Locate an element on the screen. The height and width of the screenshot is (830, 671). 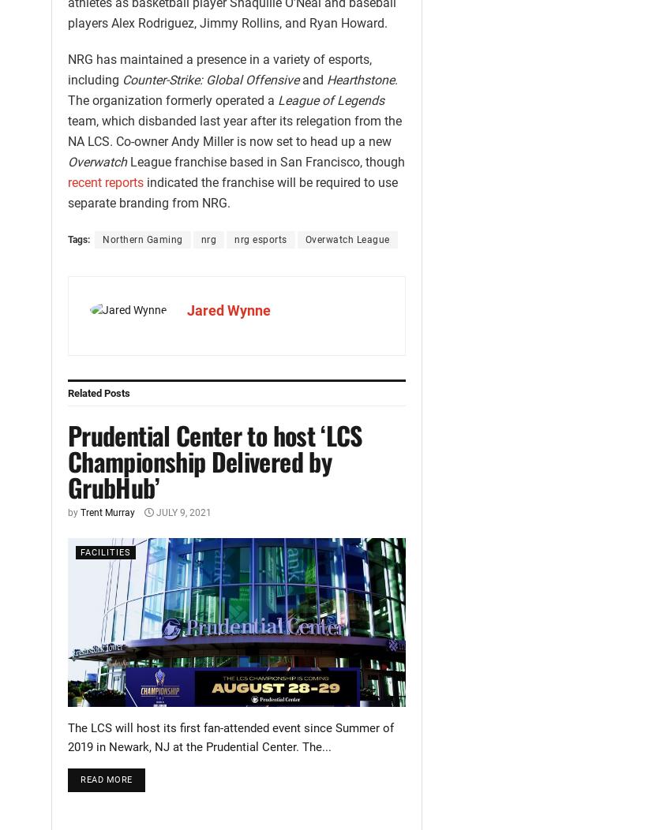
'team, which disbanded last year after its relegation from the NA LCS. Co-owner Andy Miller is now set to head up a new' is located at coordinates (234, 129).